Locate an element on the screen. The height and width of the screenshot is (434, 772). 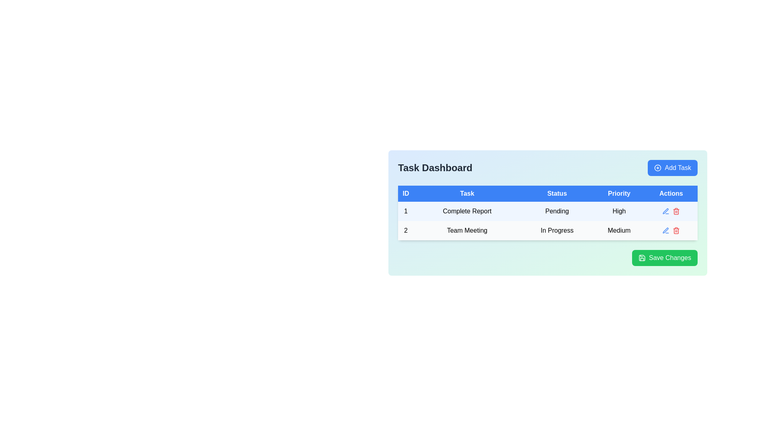
the pencil icon in the 'Actions' column of the first row in the 'Task Dashboard' is located at coordinates (671, 211).